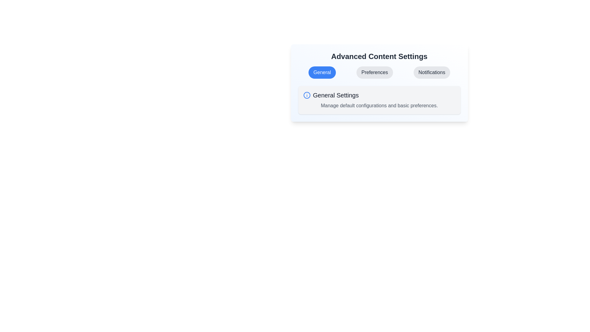  I want to click on information presented in the Information block with a light gray background titled 'General Settings' located beneath 'Advanced Content Settings', so click(379, 100).